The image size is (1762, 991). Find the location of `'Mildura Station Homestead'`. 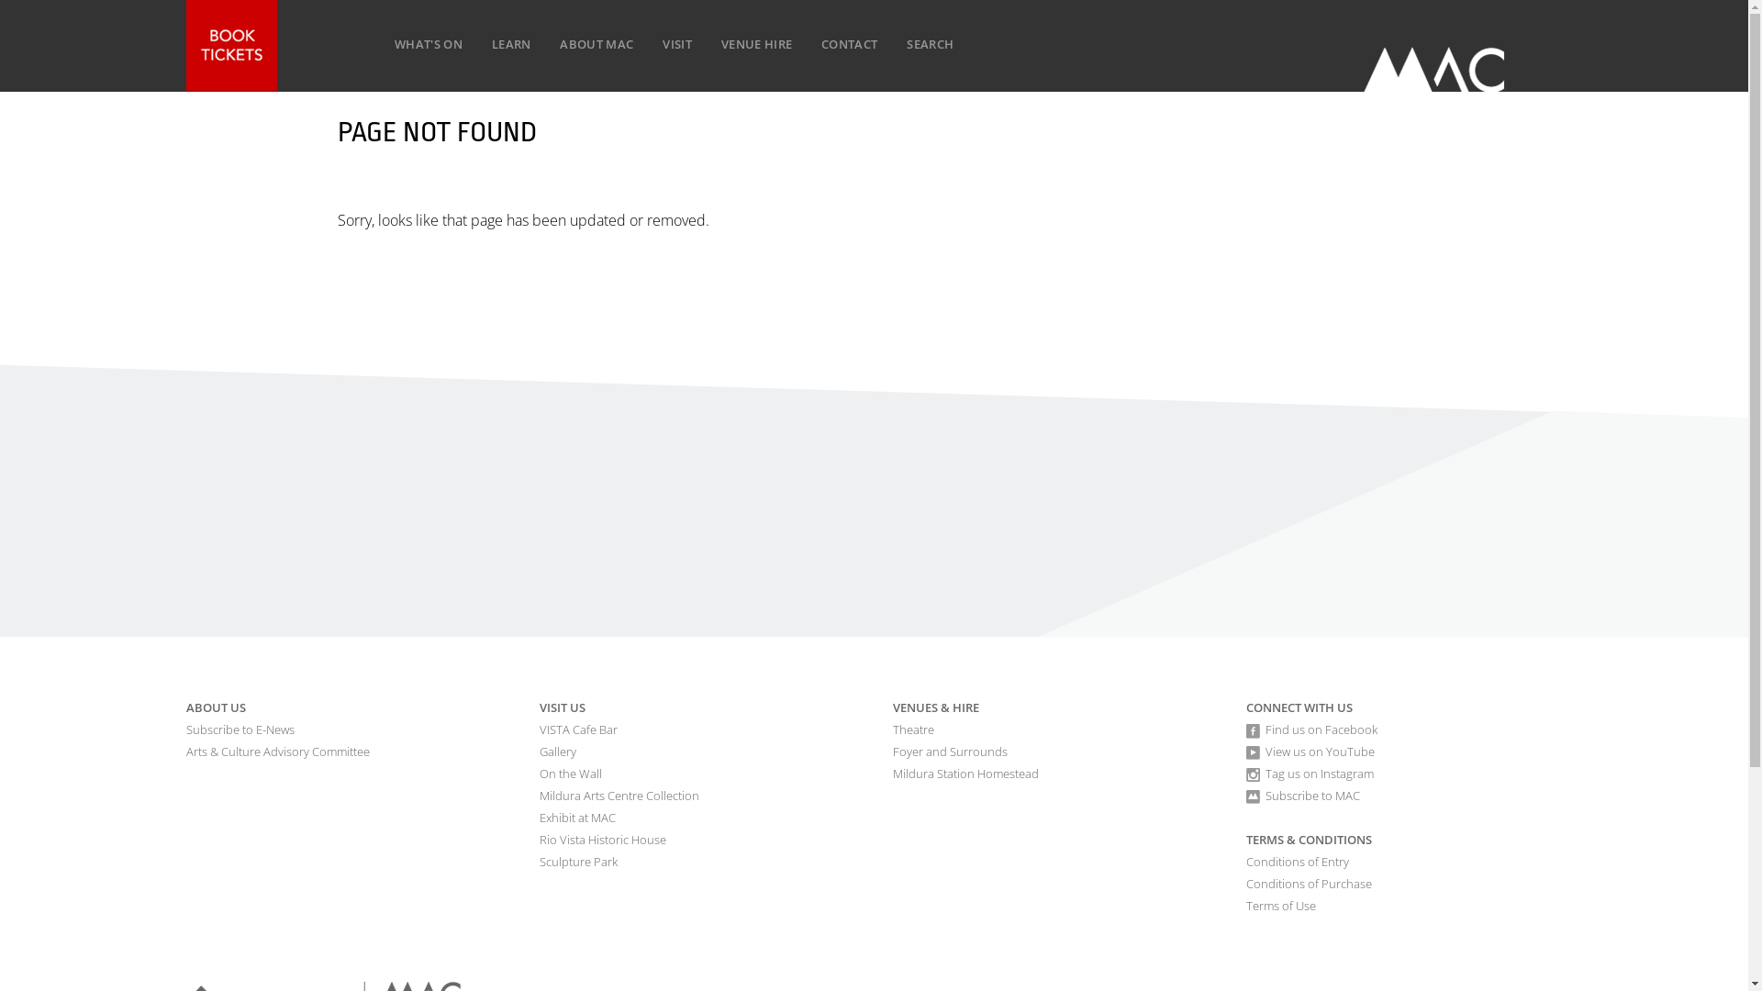

'Mildura Station Homestead' is located at coordinates (964, 774).